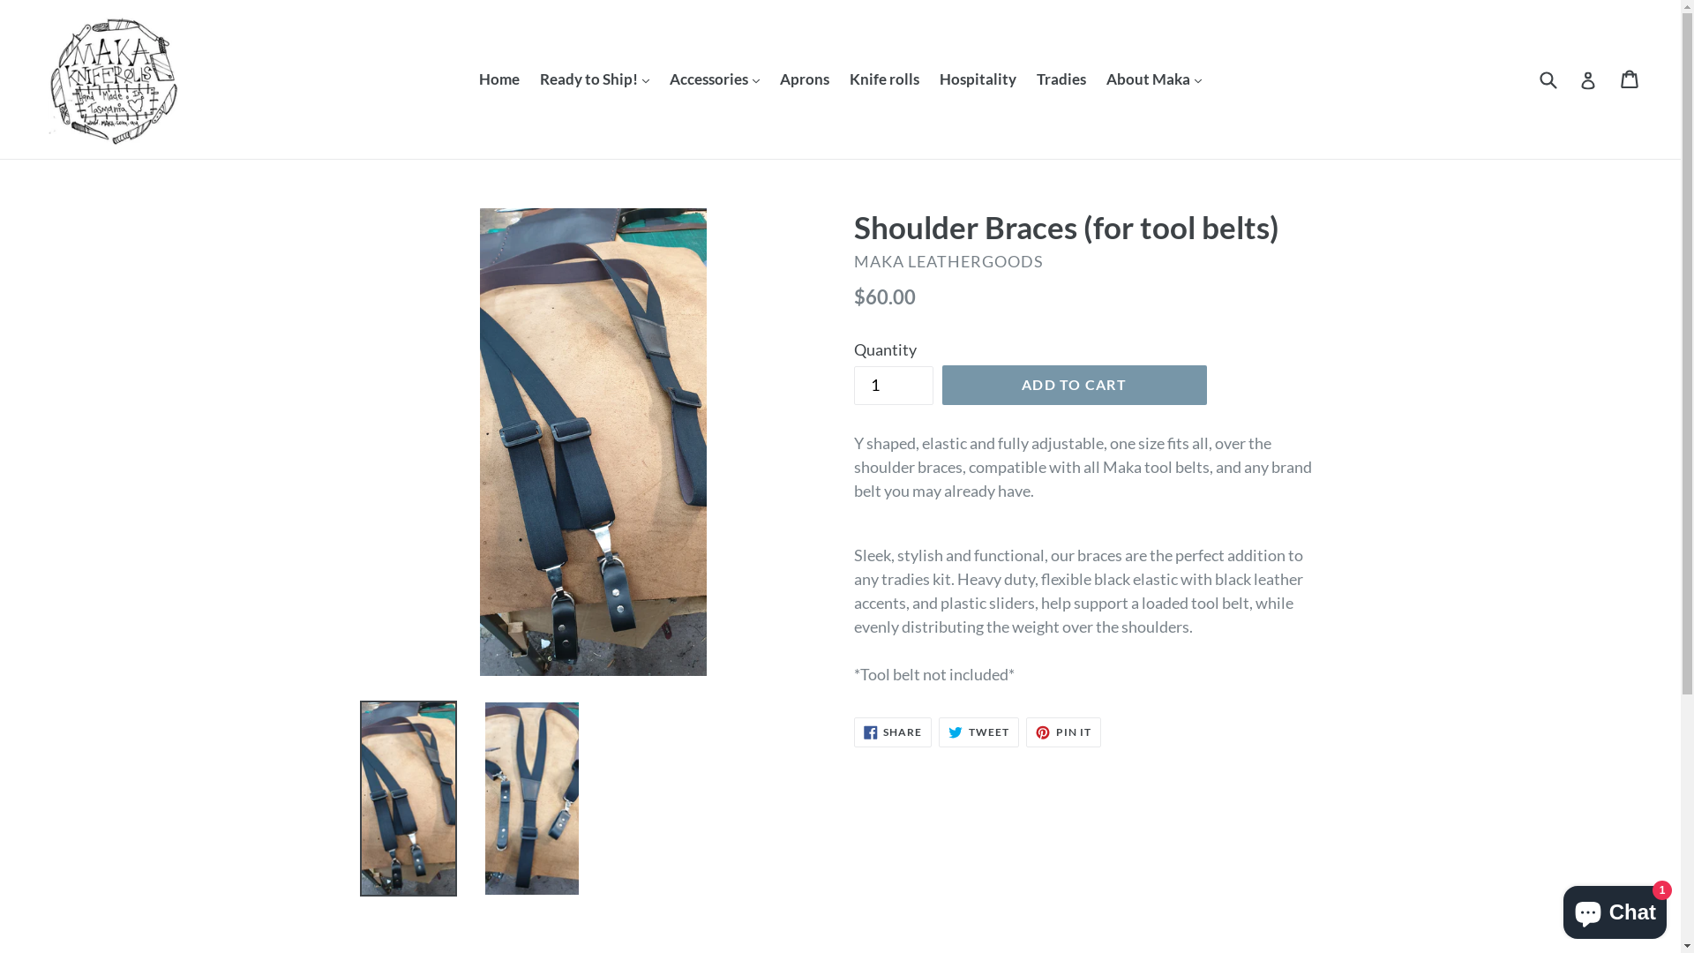 Image resolution: width=1694 pixels, height=953 pixels. I want to click on 'Log in', so click(1588, 78).